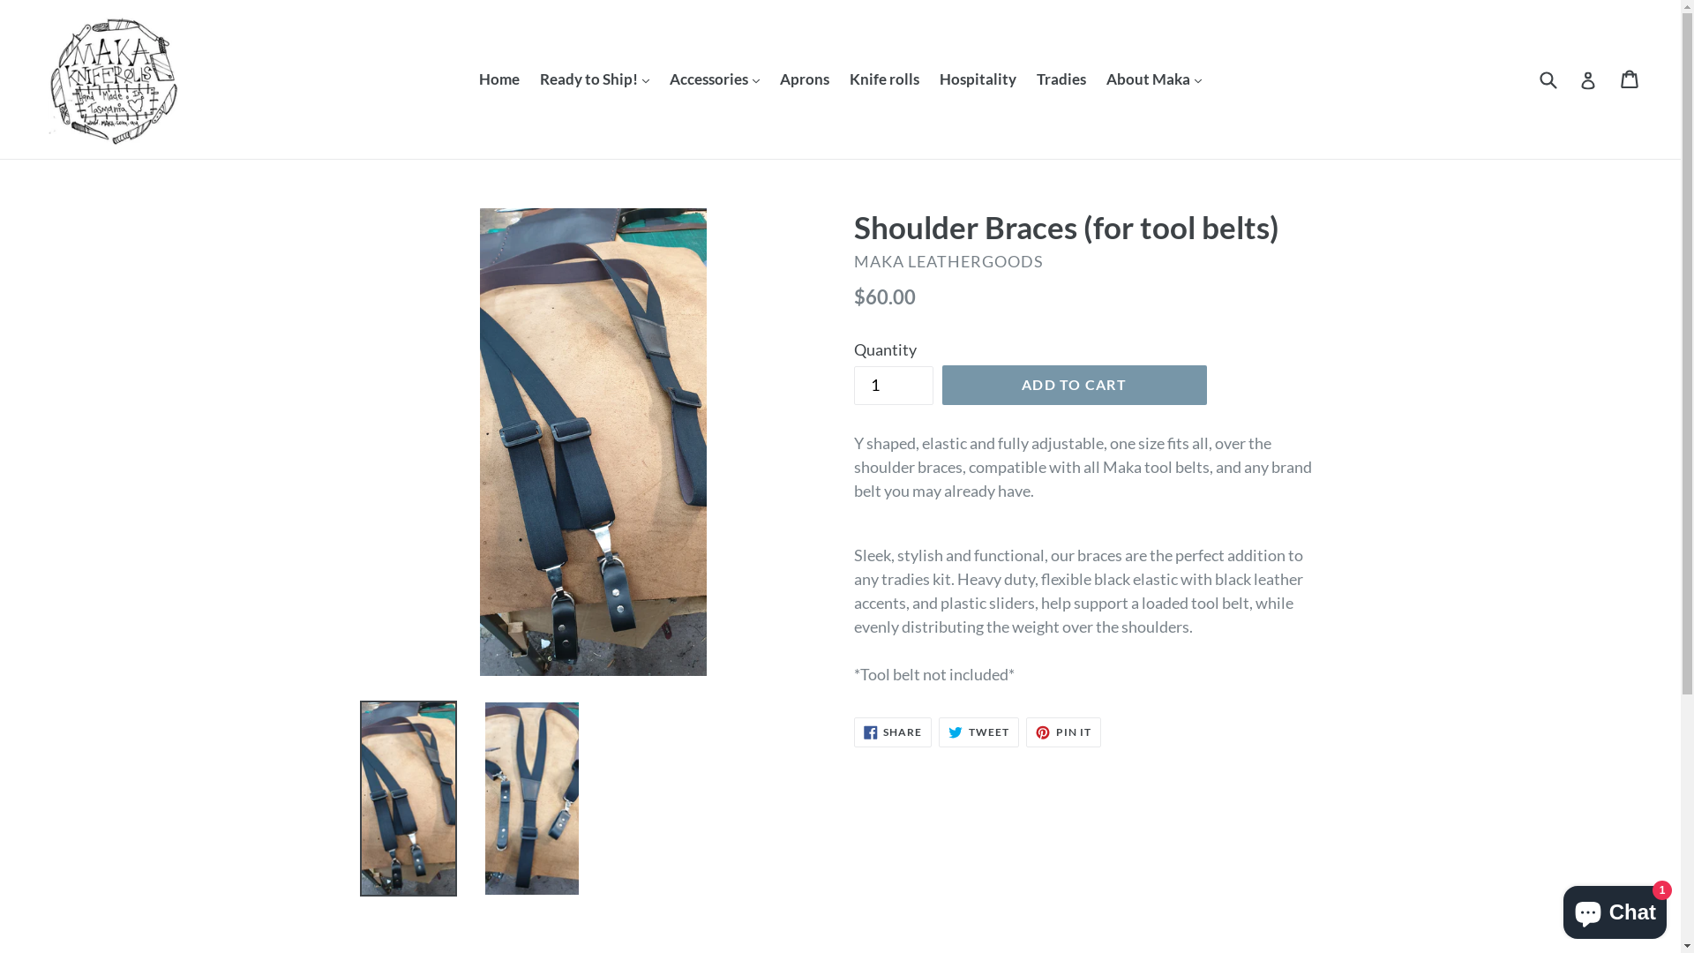 Image resolution: width=1694 pixels, height=953 pixels. I want to click on 'Log in', so click(1588, 78).